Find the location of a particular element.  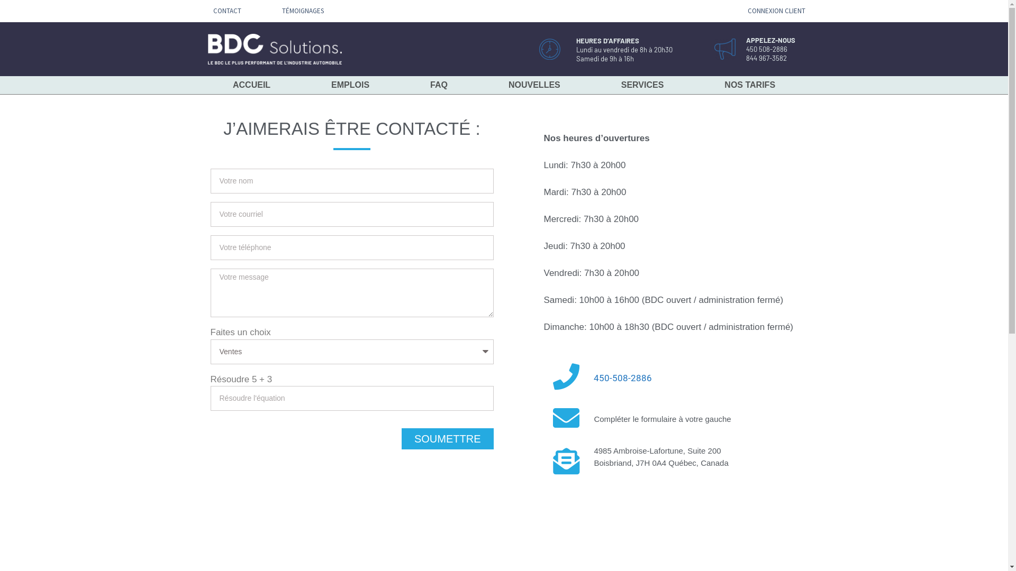

'CONTACT' is located at coordinates (212, 11).